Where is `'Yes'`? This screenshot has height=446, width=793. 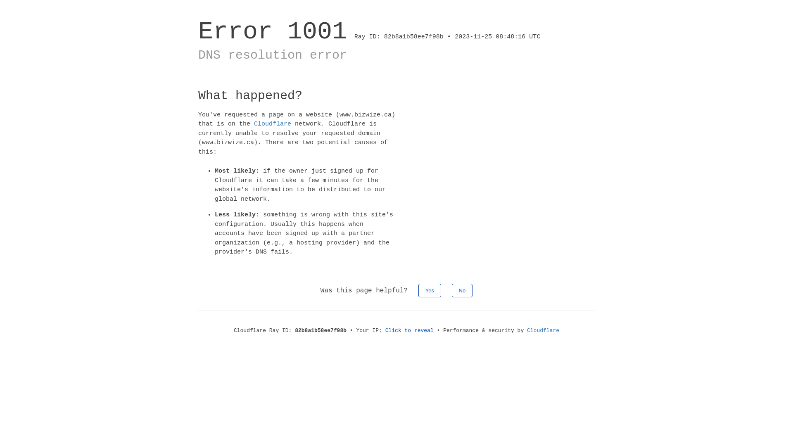
'Yes' is located at coordinates (430, 289).